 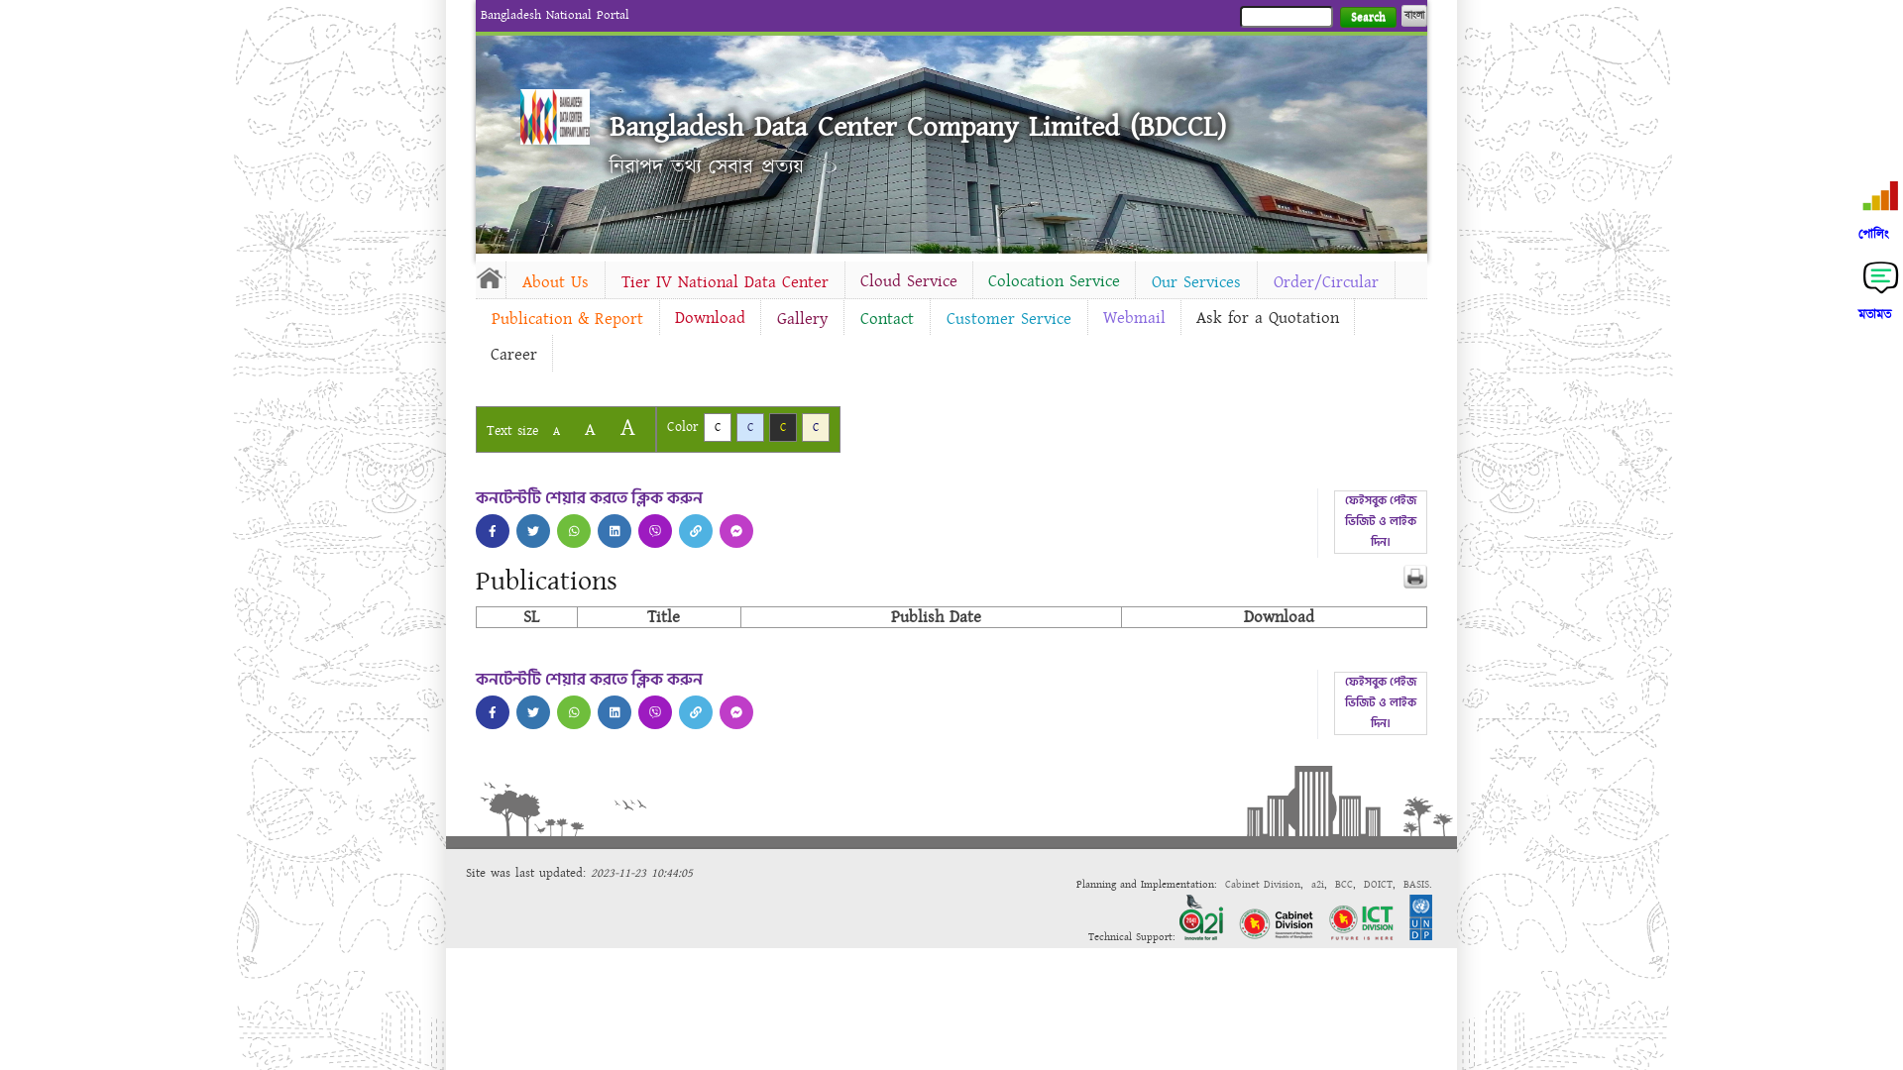 I want to click on 'BCC', so click(x=1344, y=883).